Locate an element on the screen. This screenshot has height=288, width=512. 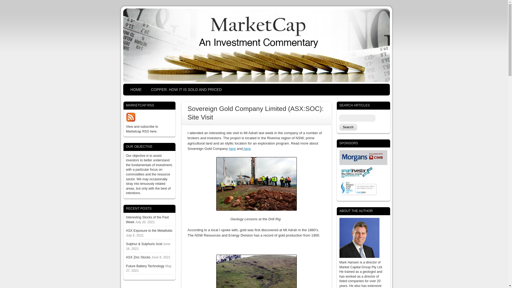
'Sulphur & Sulphuric Acid' is located at coordinates (144, 244).